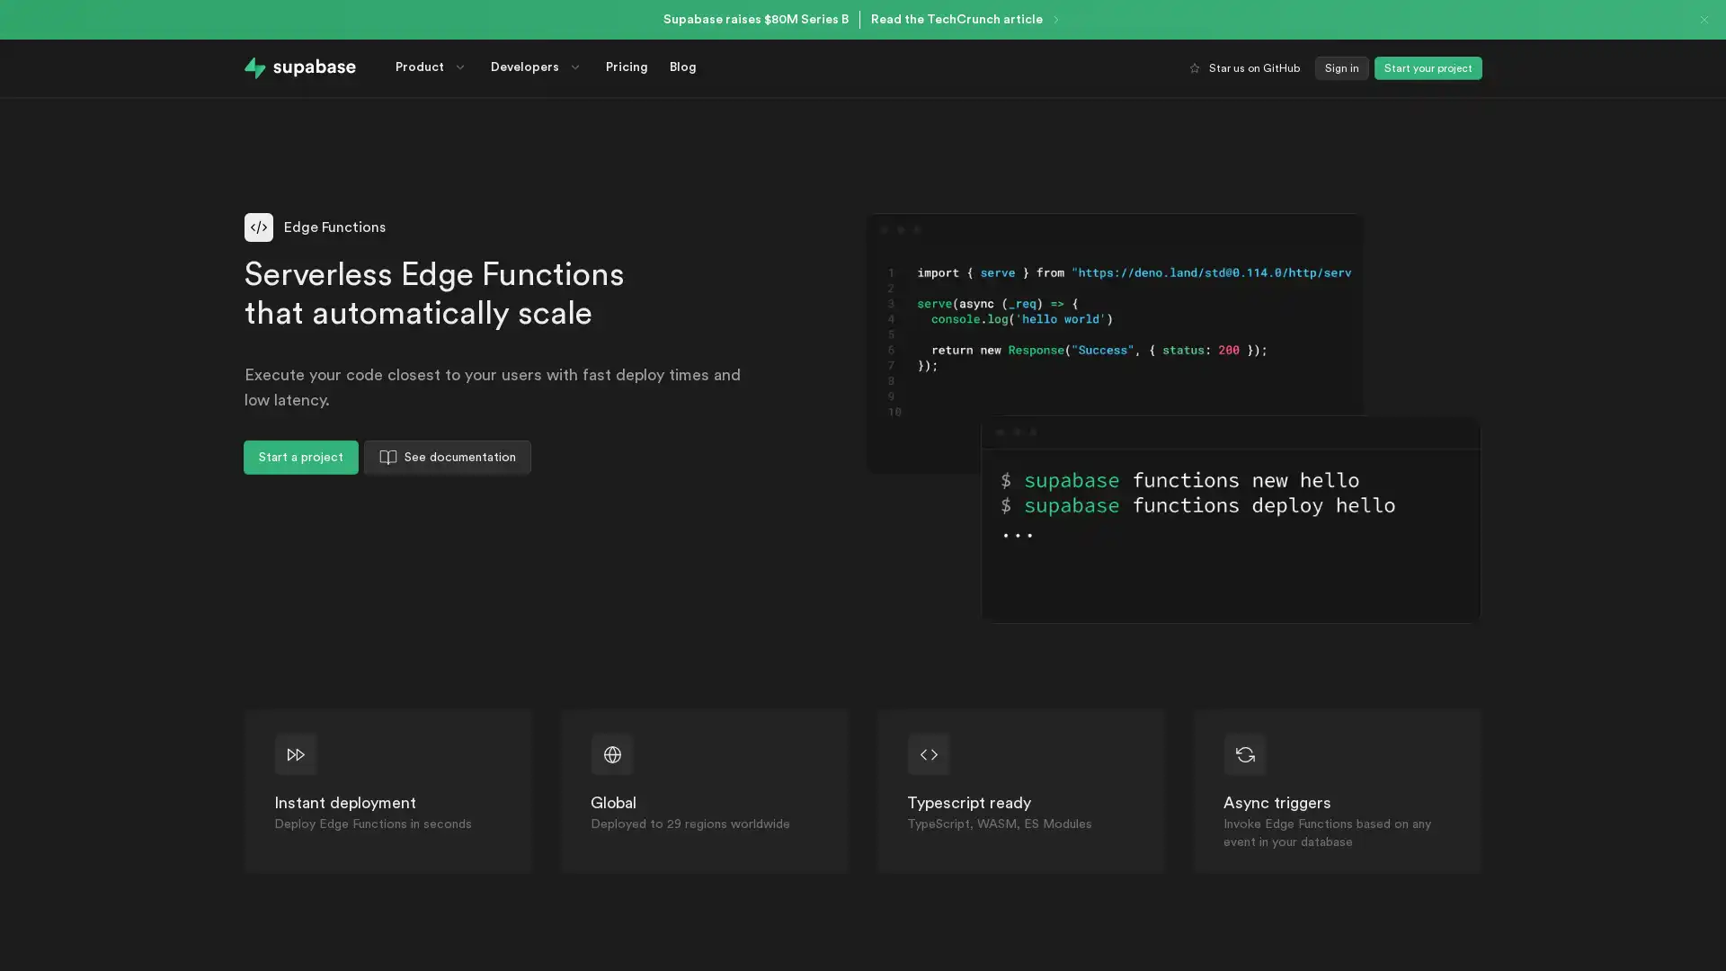  I want to click on Start a project, so click(301, 457).